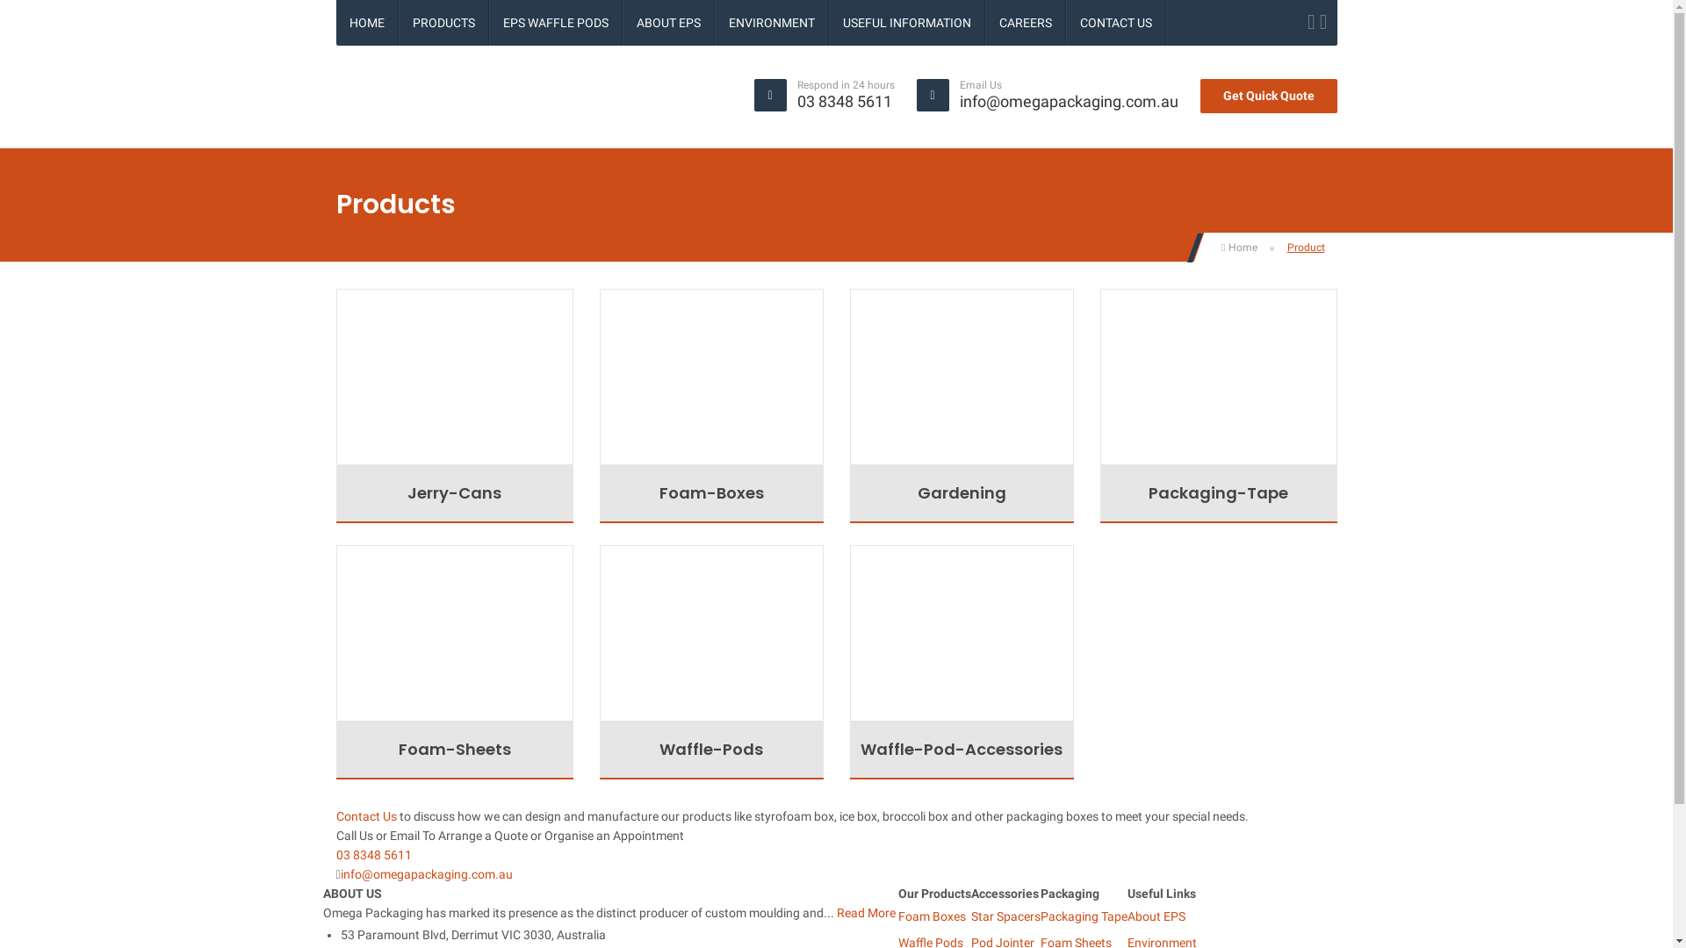  What do you see at coordinates (1067, 101) in the screenshot?
I see `'info@omegapackaging.com.au'` at bounding box center [1067, 101].